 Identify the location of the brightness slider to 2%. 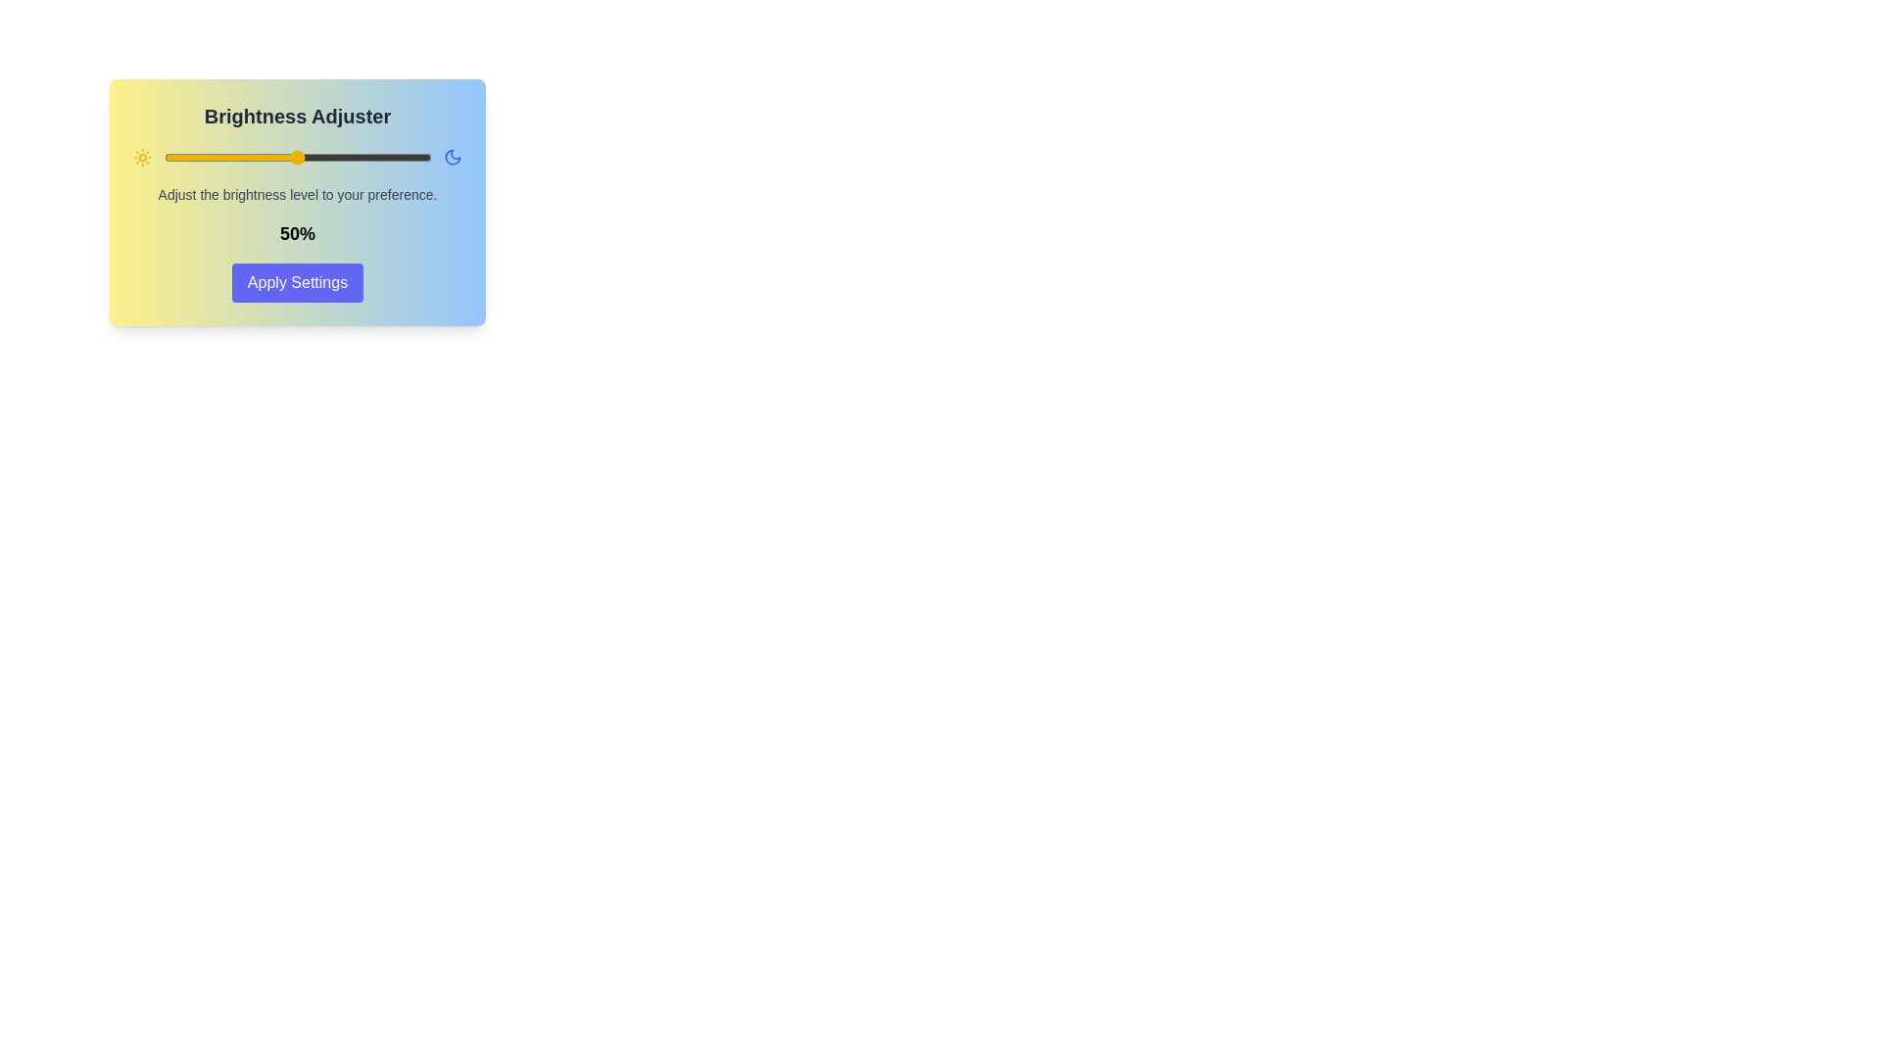
(169, 157).